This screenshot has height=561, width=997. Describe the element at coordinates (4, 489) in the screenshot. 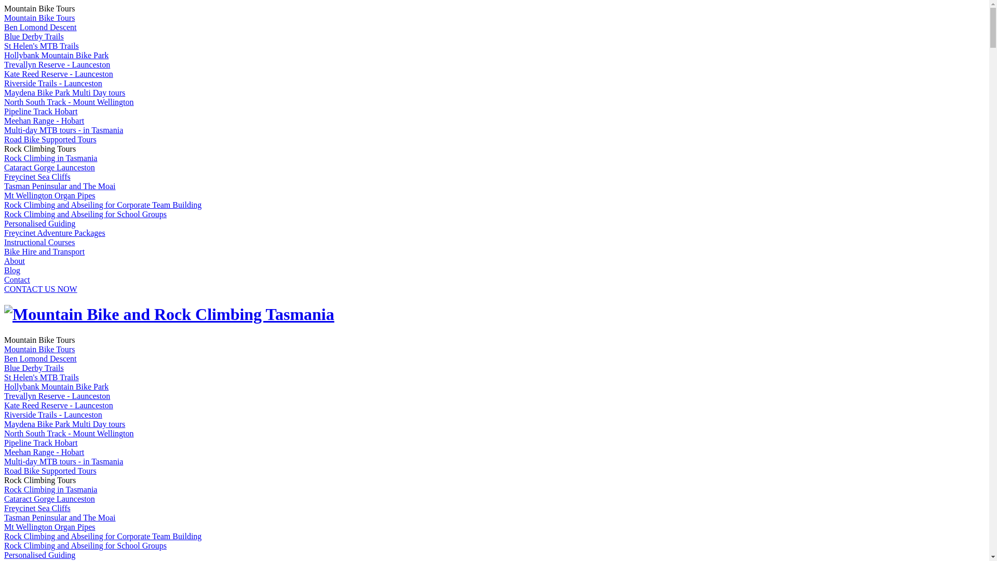

I see `'Rock Climbing in Tasmania'` at that location.